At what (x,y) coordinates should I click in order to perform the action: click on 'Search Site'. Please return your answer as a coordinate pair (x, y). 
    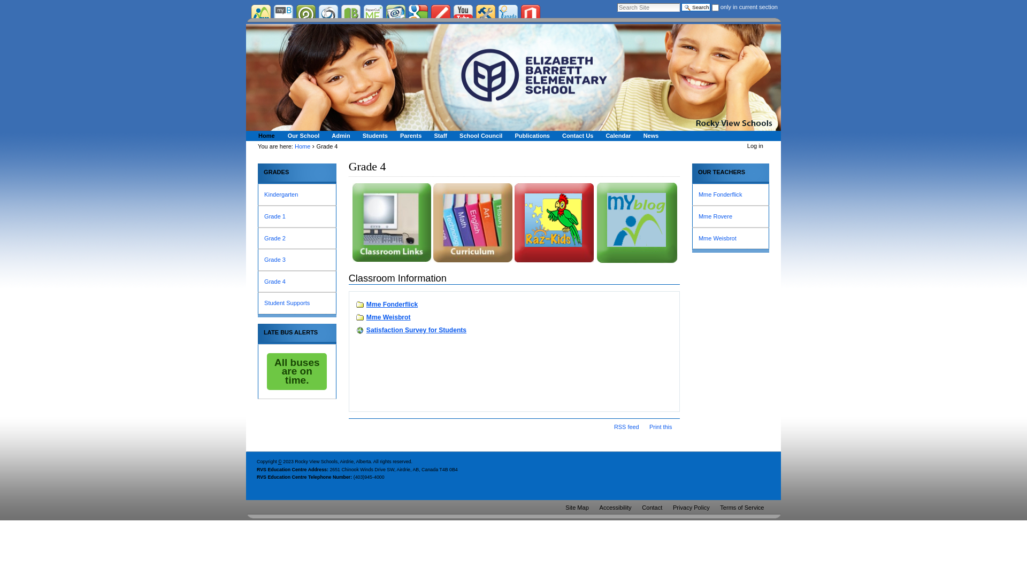
    Looking at the image, I should click on (648, 7).